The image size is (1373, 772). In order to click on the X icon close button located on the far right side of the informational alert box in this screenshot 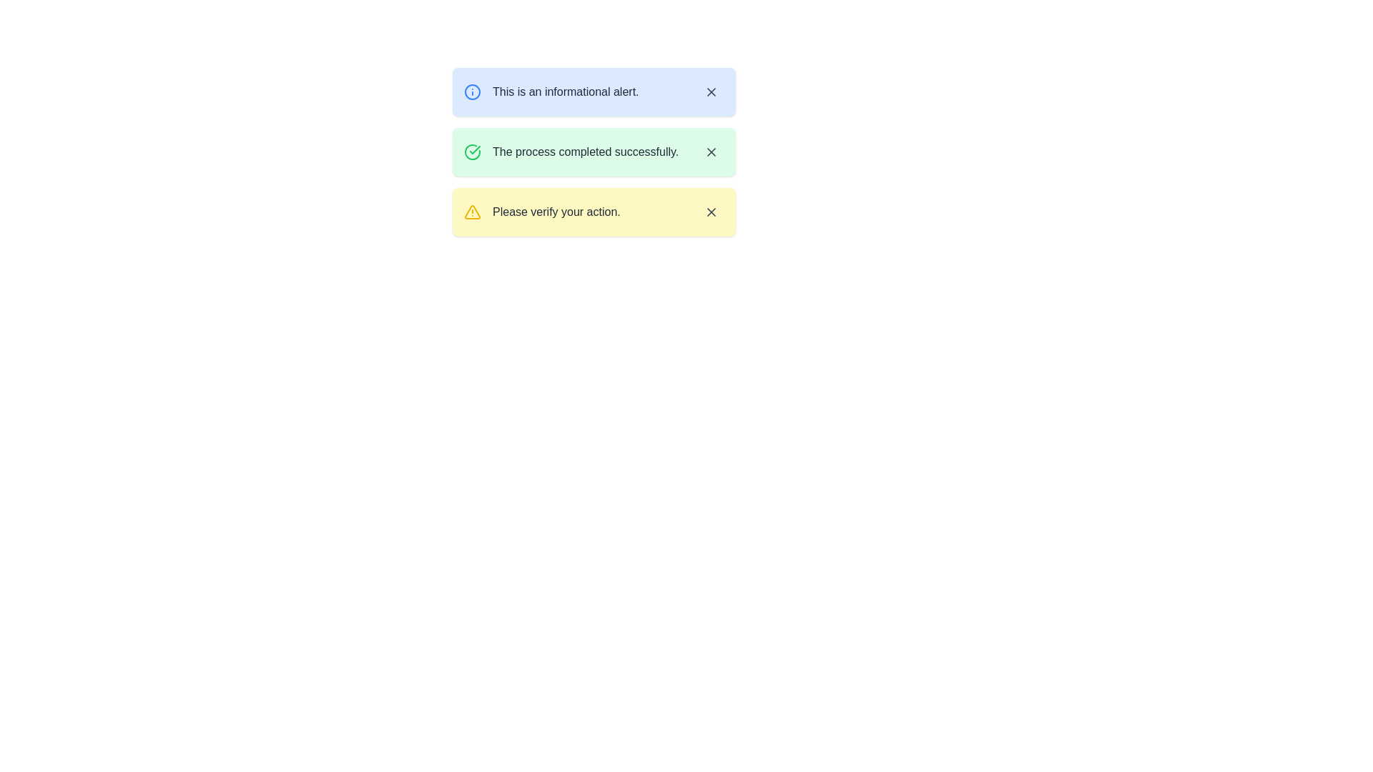, I will do `click(711, 91)`.